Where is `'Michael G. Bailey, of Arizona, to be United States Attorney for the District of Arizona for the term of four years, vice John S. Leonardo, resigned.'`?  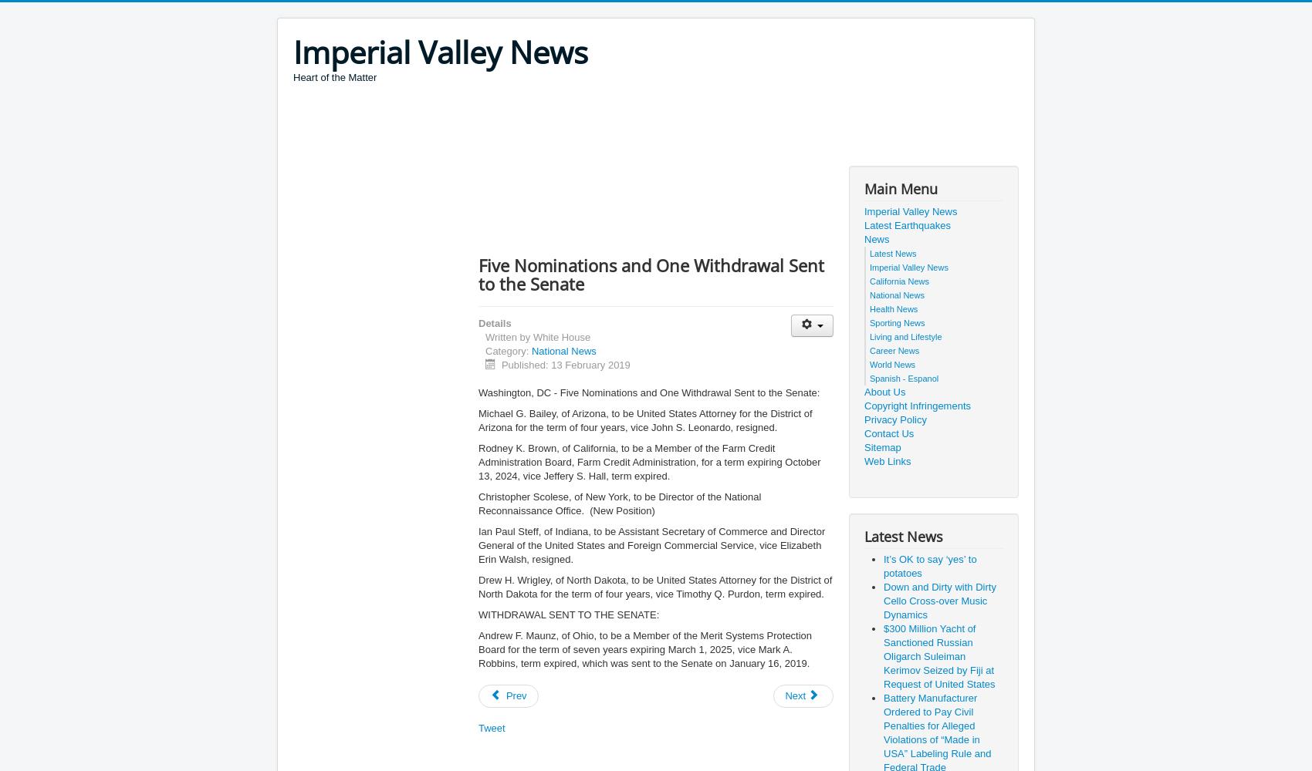 'Michael G. Bailey, of Arizona, to be United States Attorney for the District of Arizona for the term of four years, vice John S. Leonardo, resigned.' is located at coordinates (644, 420).